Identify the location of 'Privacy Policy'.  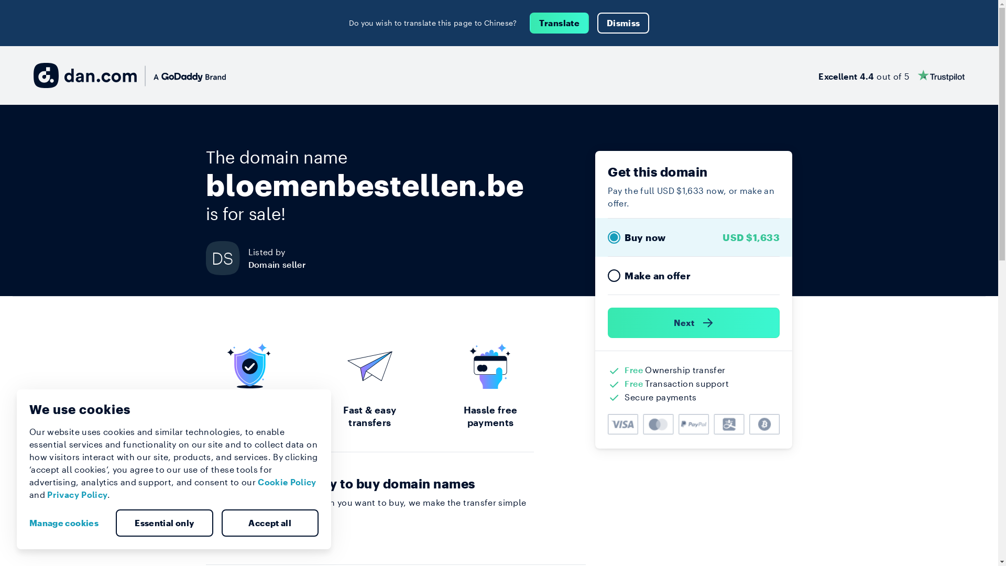
(76, 494).